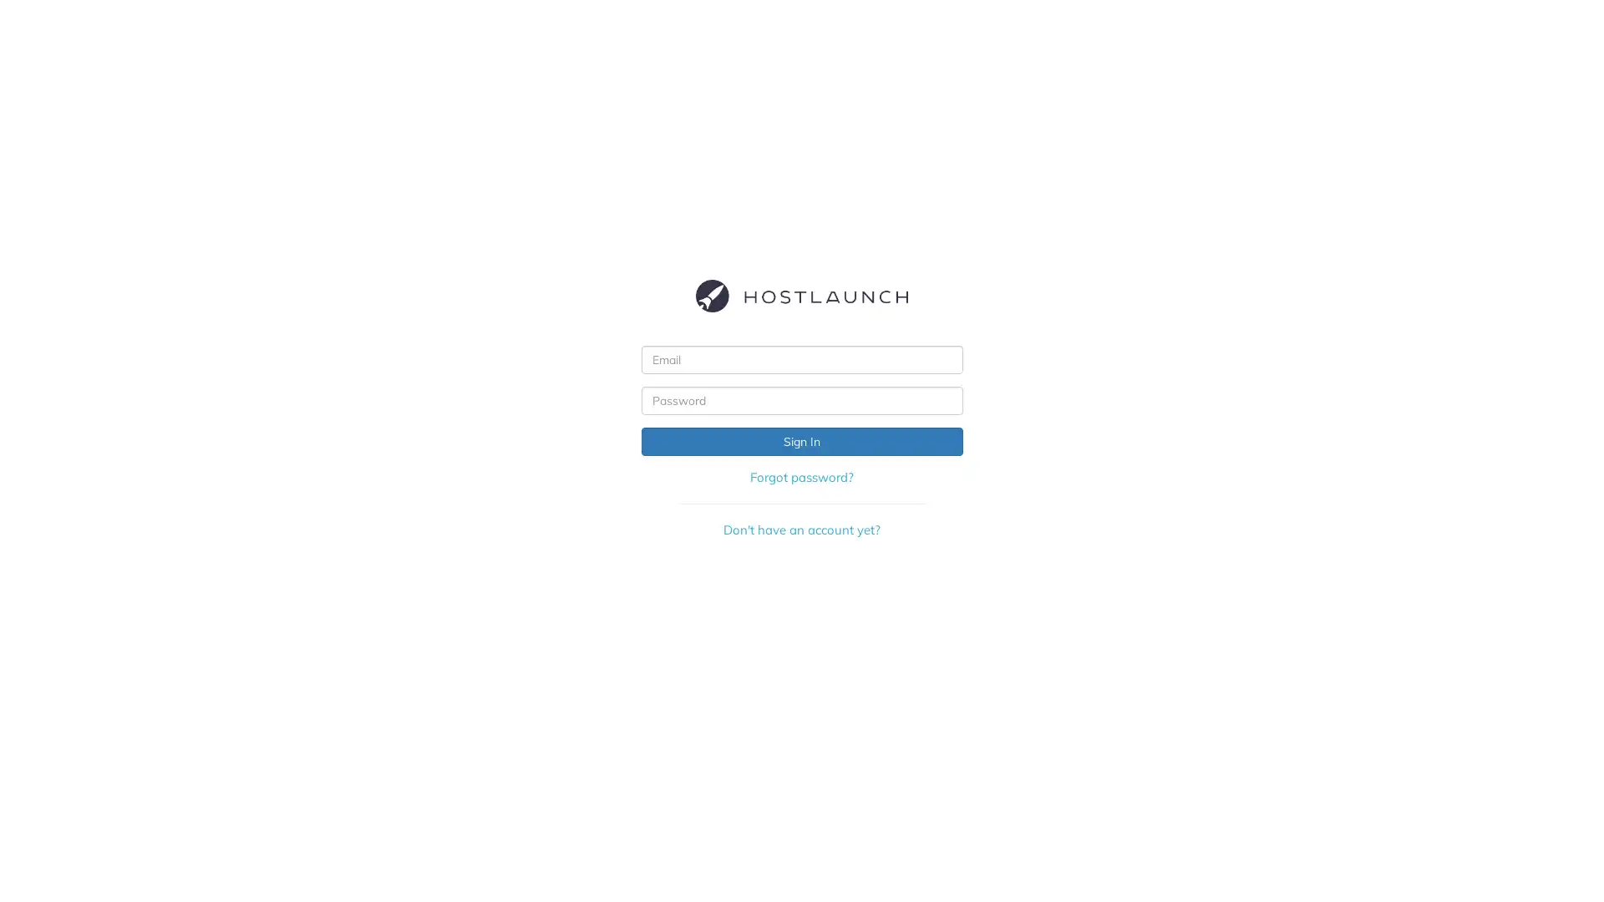  What do you see at coordinates (800, 529) in the screenshot?
I see `Don't have an account yet?` at bounding box center [800, 529].